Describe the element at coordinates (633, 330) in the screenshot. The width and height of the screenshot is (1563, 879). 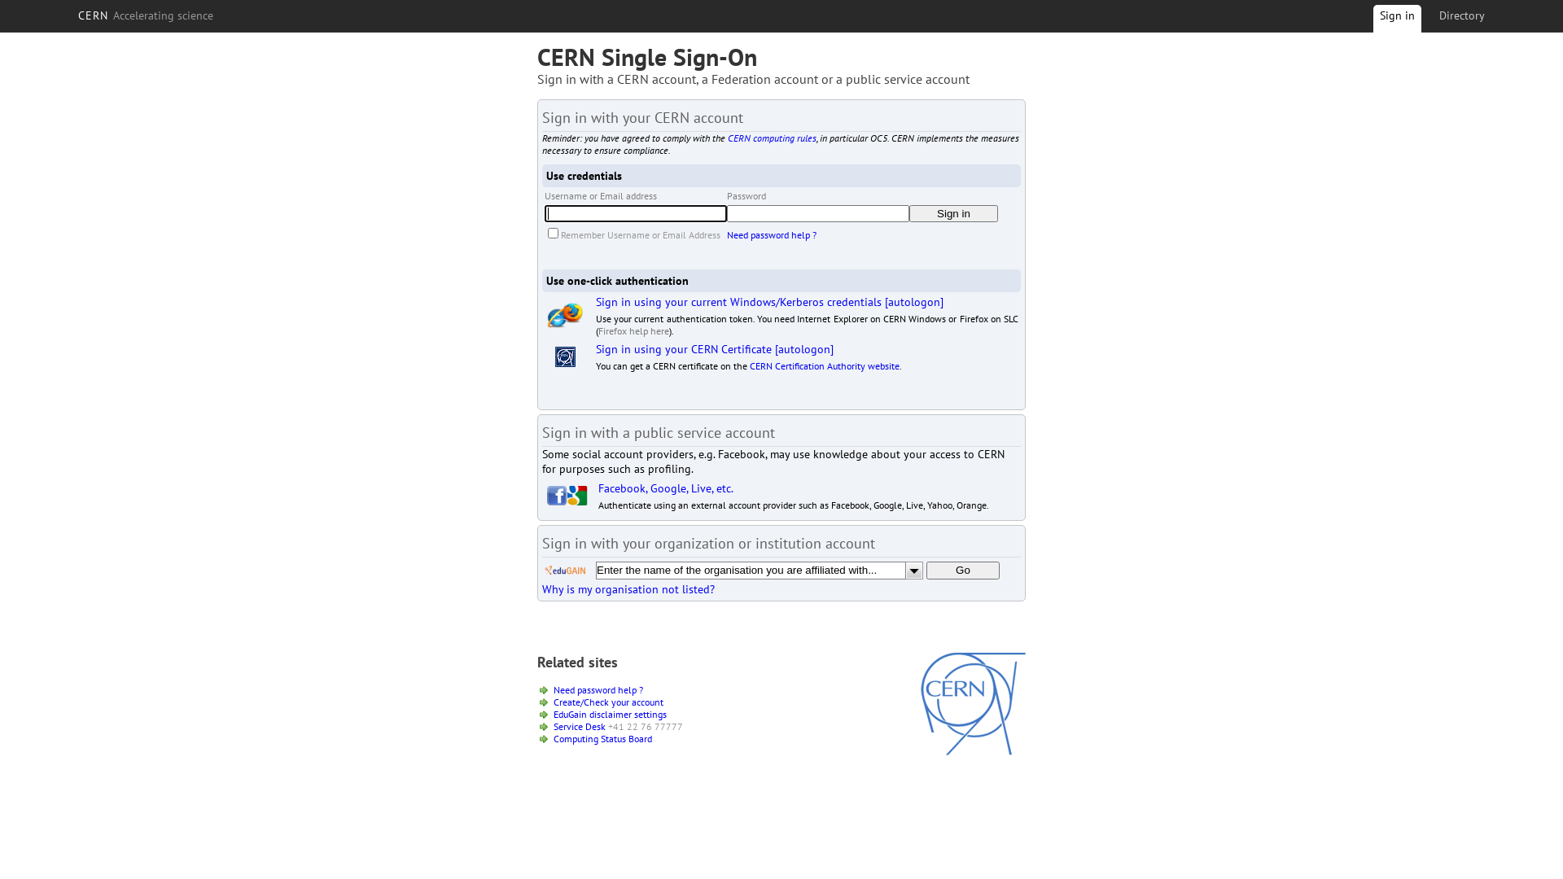
I see `'Firefox help here'` at that location.